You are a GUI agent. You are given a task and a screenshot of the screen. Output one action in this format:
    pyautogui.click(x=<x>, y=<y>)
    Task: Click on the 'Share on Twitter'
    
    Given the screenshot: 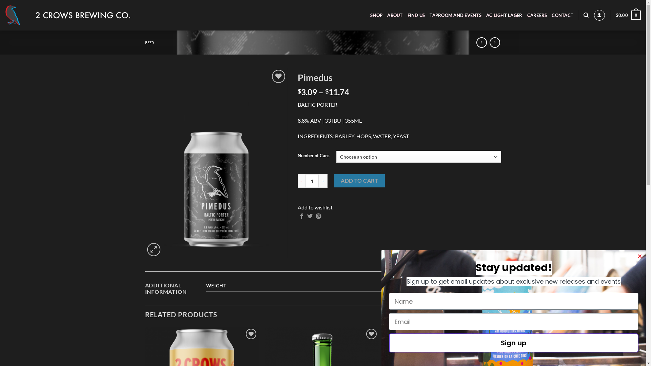 What is the action you would take?
    pyautogui.click(x=309, y=217)
    